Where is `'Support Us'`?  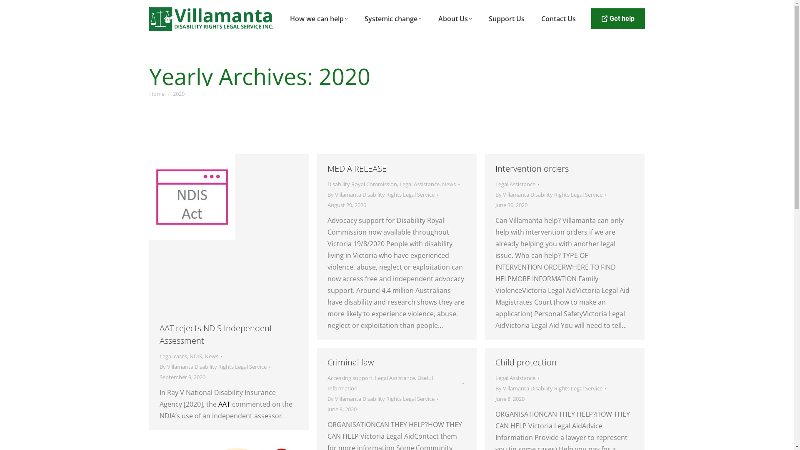
'Support Us' is located at coordinates (506, 19).